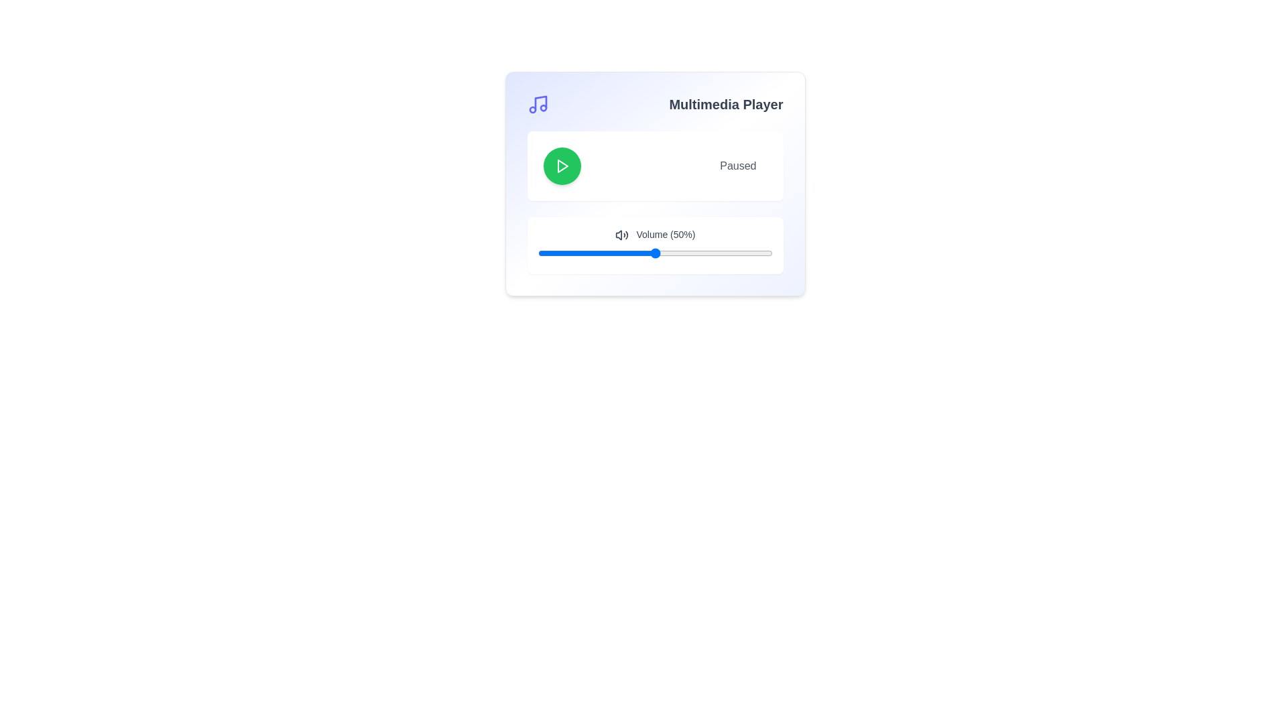  Describe the element at coordinates (745, 253) in the screenshot. I see `the volume slider` at that location.